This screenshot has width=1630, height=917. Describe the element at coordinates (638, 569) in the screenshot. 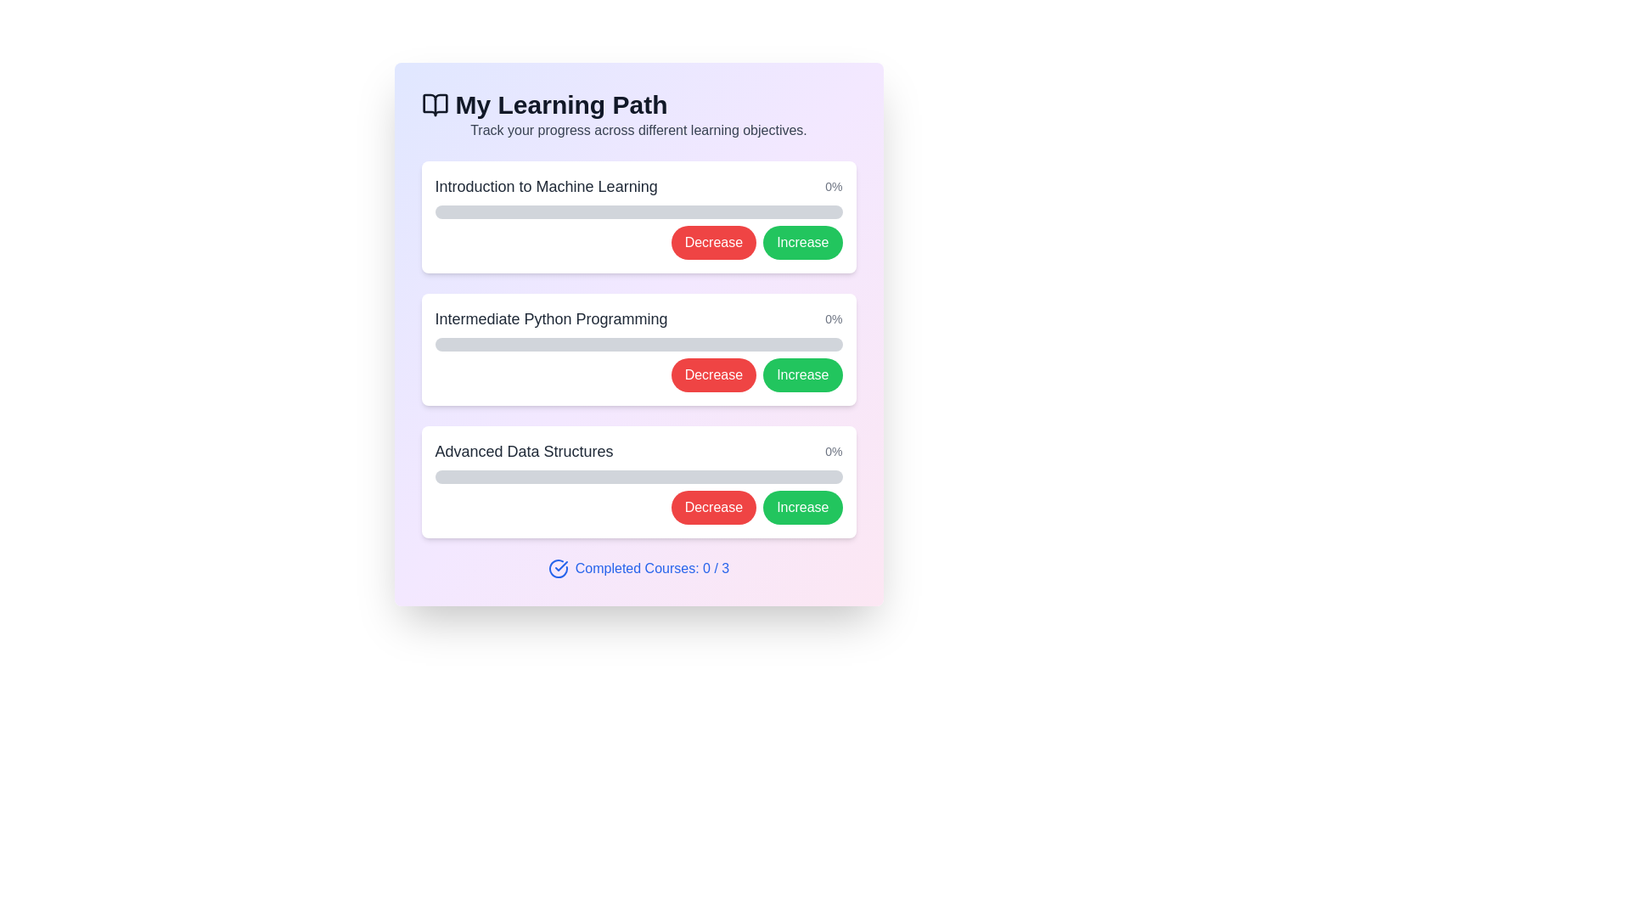

I see `the text element reading 'Completed Courses: 0 / 3' with a checkmark circle icon` at that location.